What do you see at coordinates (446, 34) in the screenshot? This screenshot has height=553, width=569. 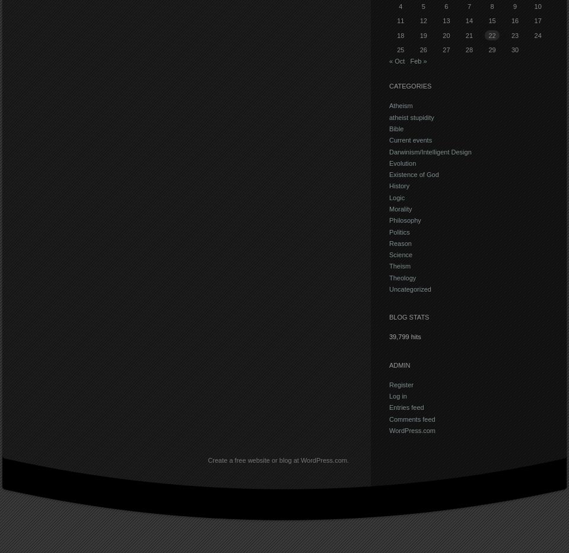 I see `'20'` at bounding box center [446, 34].